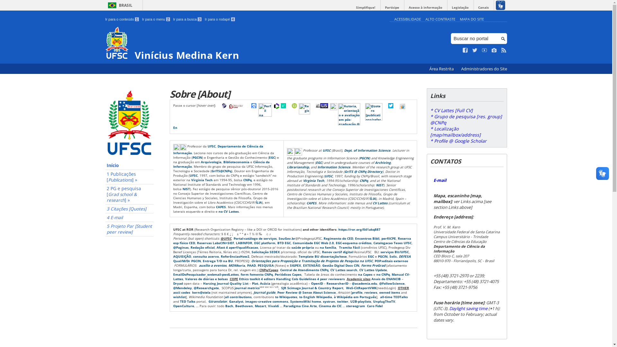  Describe the element at coordinates (304, 270) in the screenshot. I see `'Central de Atendimento CNPq'` at that location.